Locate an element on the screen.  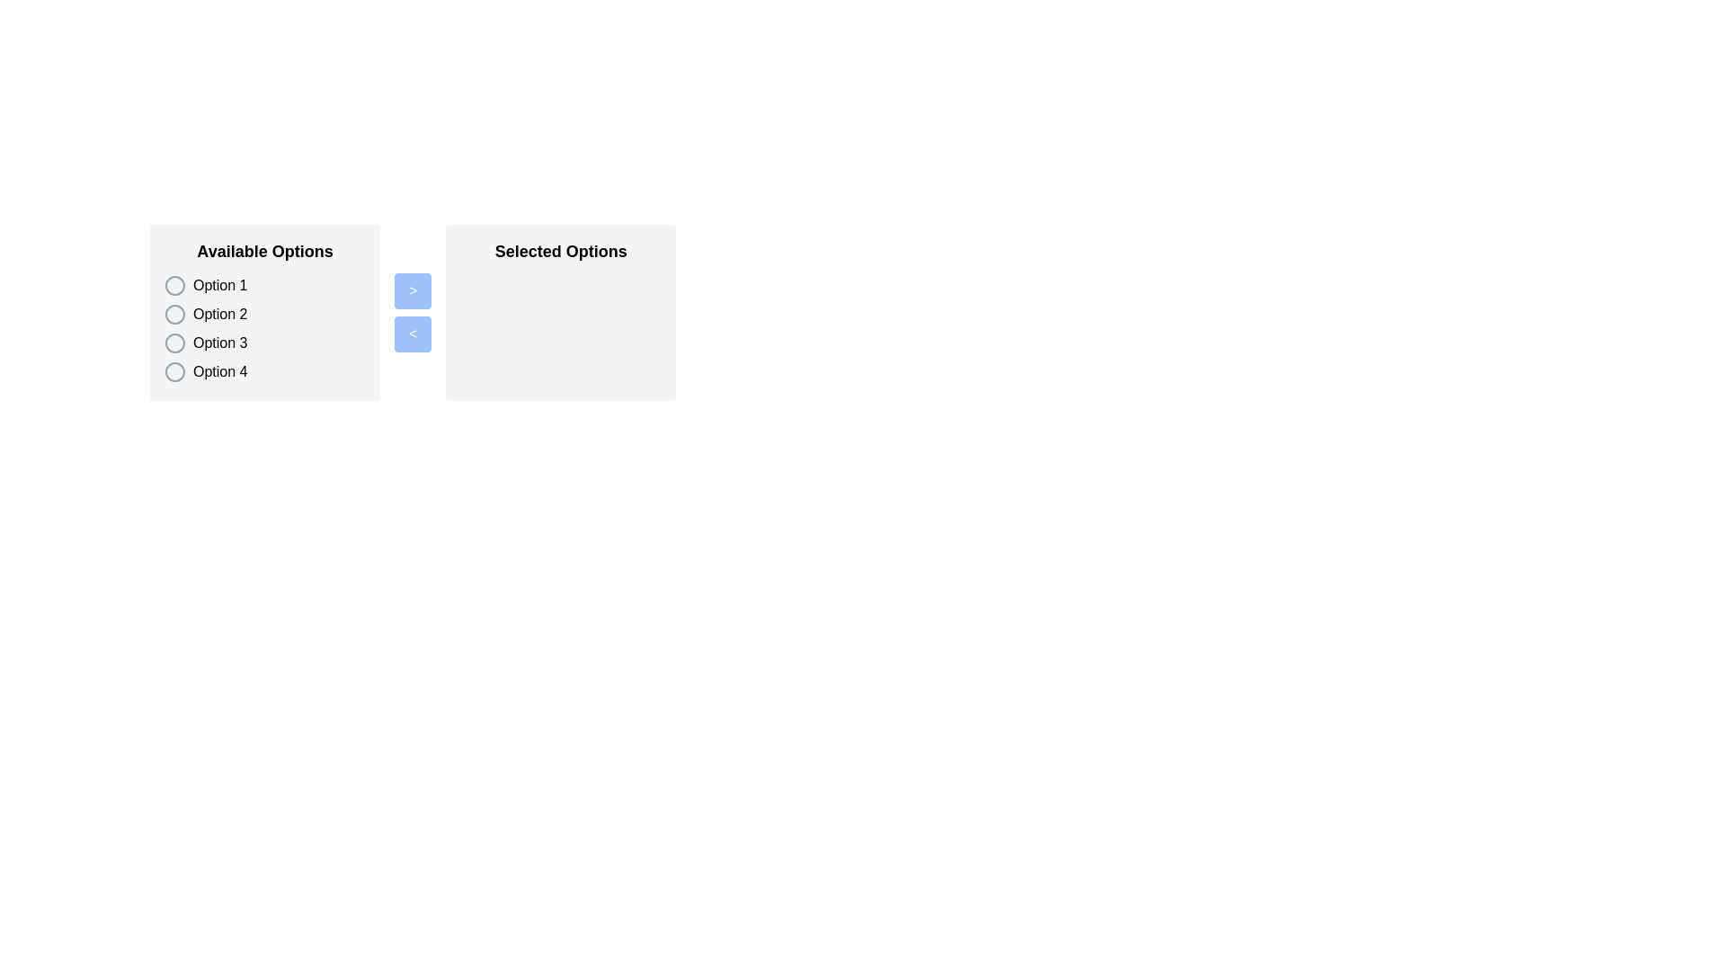
the radio button indicator for Option 3 is located at coordinates (175, 343).